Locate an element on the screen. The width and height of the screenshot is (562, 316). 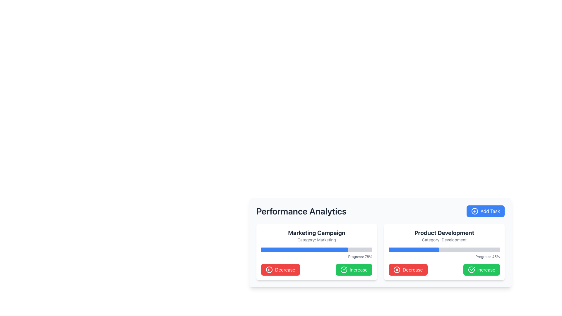
the Icon (SVG Circle) that represents the 'Decrease' button within the pause icon under 'Marketing Campaign' is located at coordinates (269, 269).